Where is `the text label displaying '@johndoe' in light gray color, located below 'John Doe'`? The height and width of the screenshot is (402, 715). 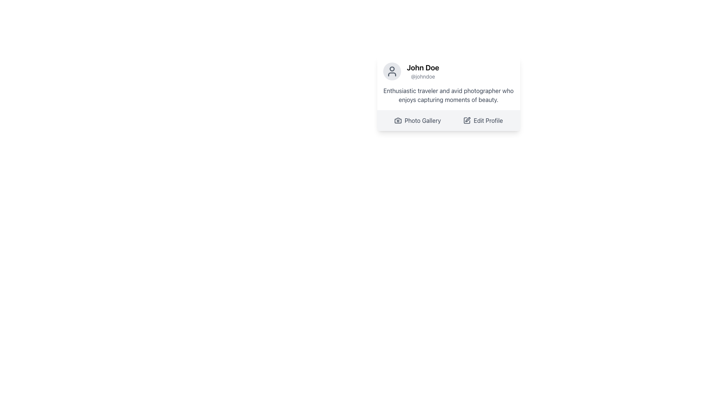
the text label displaying '@johndoe' in light gray color, located below 'John Doe' is located at coordinates (423, 76).